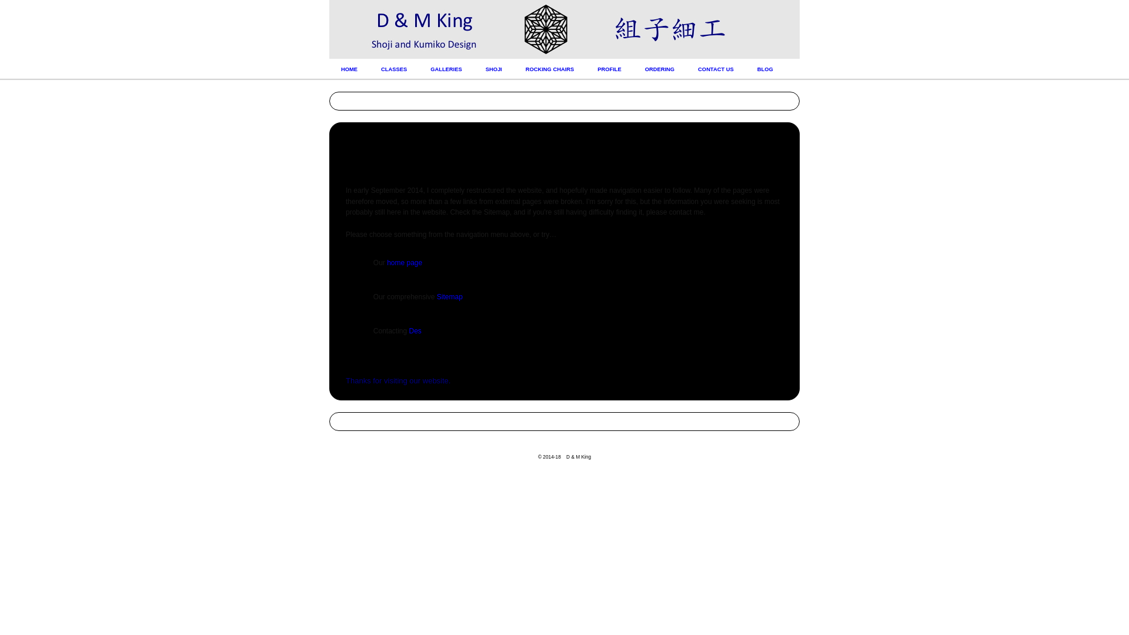 The image size is (1129, 635). I want to click on 'CONTACT US', so click(715, 69).